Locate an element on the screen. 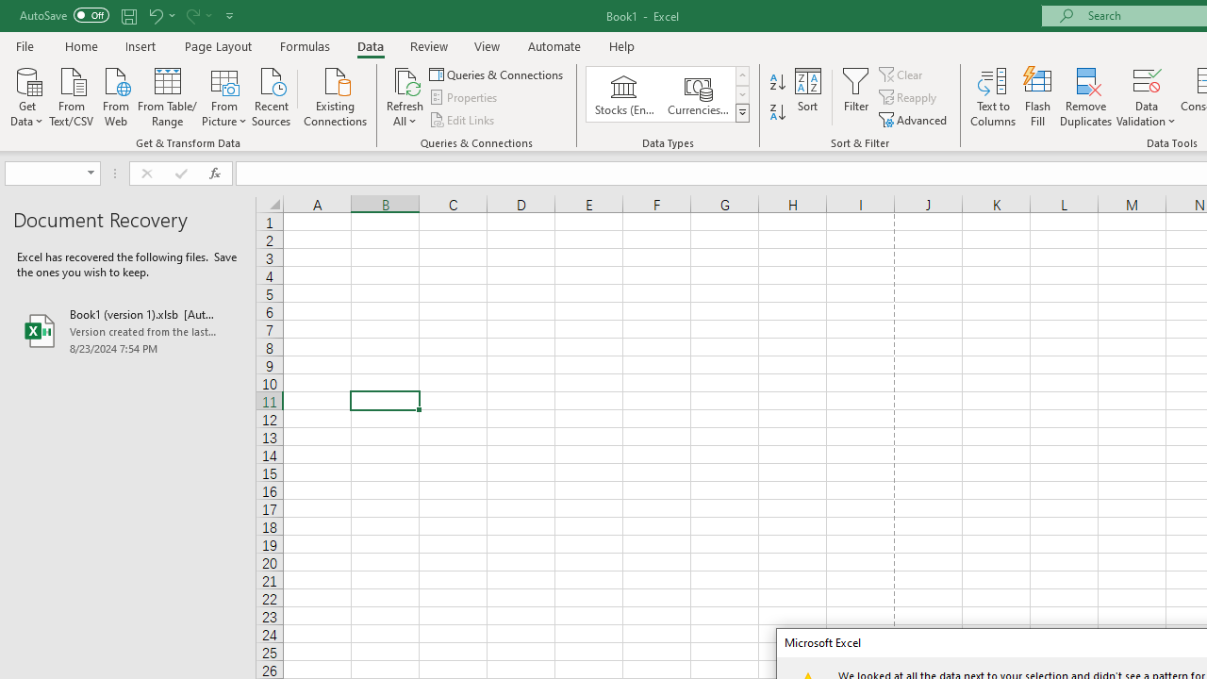 This screenshot has width=1207, height=679. 'From Picture' is located at coordinates (224, 95).